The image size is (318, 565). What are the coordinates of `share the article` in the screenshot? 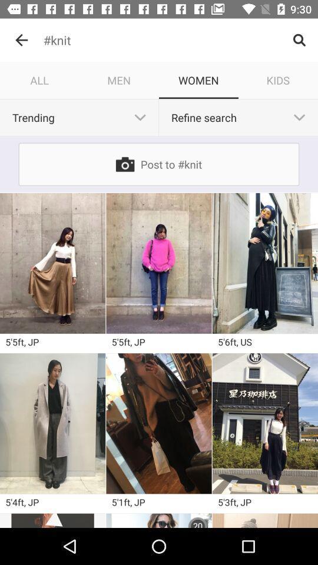 It's located at (159, 520).